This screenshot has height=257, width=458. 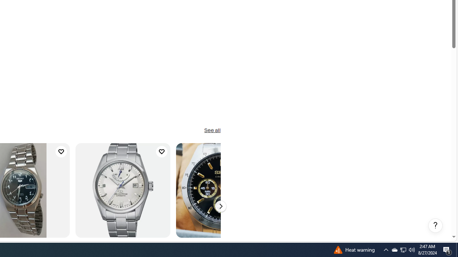 What do you see at coordinates (212, 131) in the screenshot?
I see `'See all'` at bounding box center [212, 131].